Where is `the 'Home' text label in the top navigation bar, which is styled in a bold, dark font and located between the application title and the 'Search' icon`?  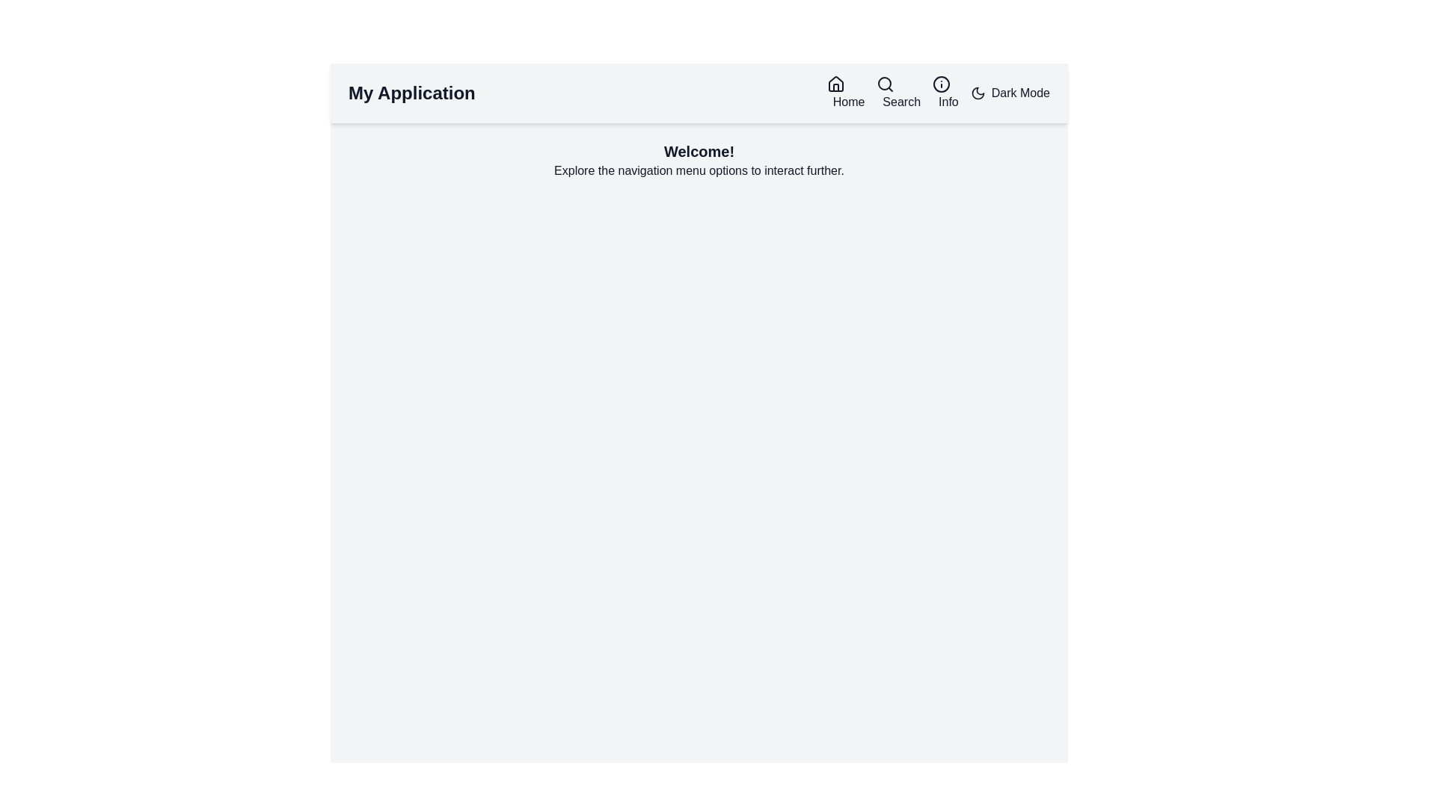
the 'Home' text label in the top navigation bar, which is styled in a bold, dark font and located between the application title and the 'Search' icon is located at coordinates (849, 101).